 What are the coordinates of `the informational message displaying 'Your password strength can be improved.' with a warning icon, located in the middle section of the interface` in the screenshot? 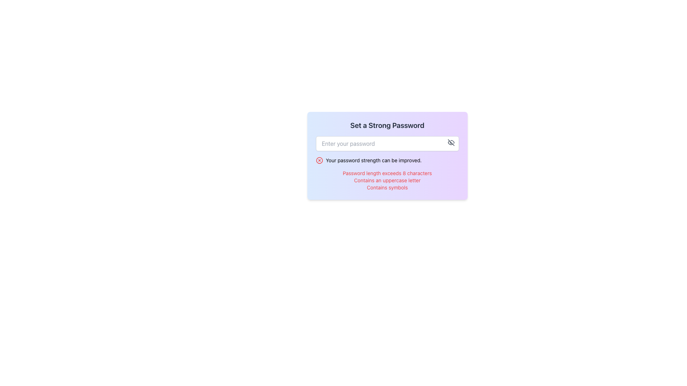 It's located at (387, 160).